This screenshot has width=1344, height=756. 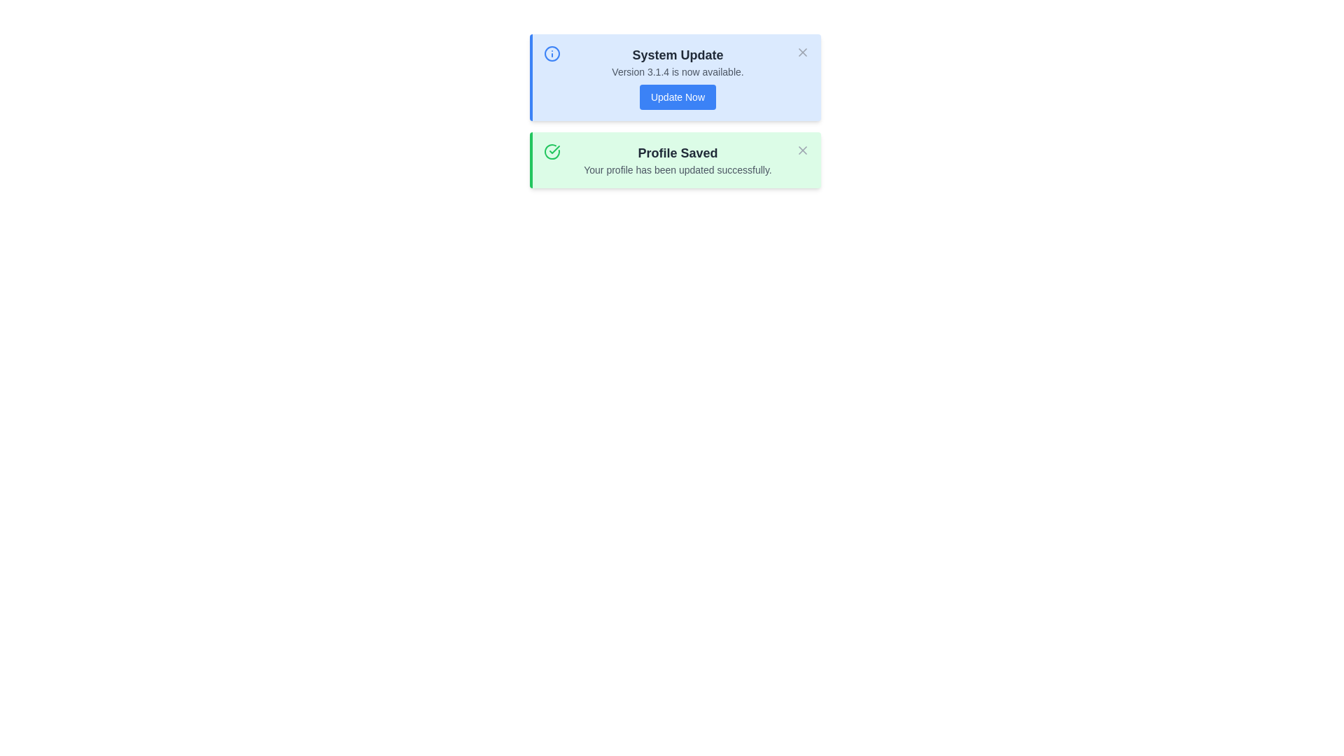 What do you see at coordinates (554, 149) in the screenshot?
I see `the green checkmark symbol in the second notification box indicating 'Profile Saved'` at bounding box center [554, 149].